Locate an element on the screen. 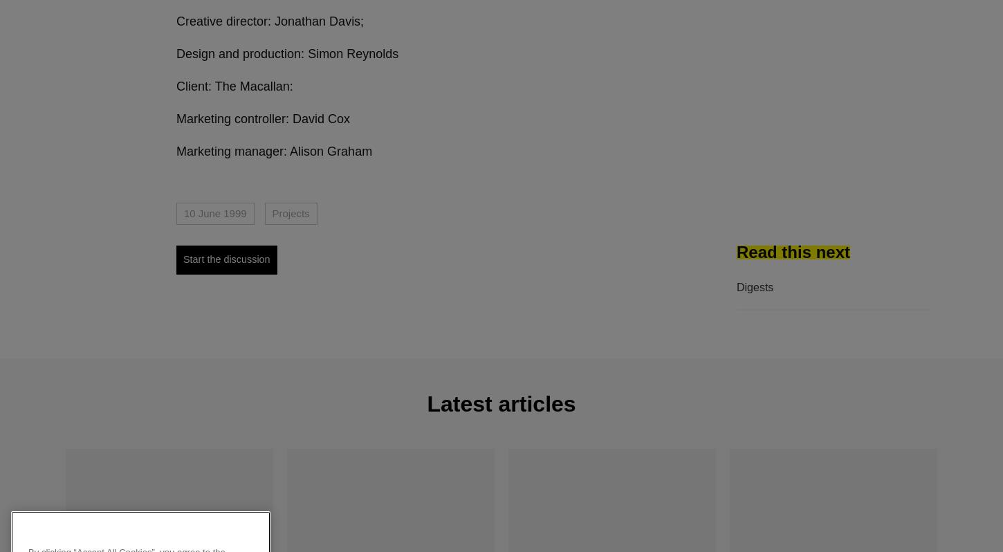 The width and height of the screenshot is (1003, 552). 'Creative director: Jonathan Davis;' is located at coordinates (269, 21).